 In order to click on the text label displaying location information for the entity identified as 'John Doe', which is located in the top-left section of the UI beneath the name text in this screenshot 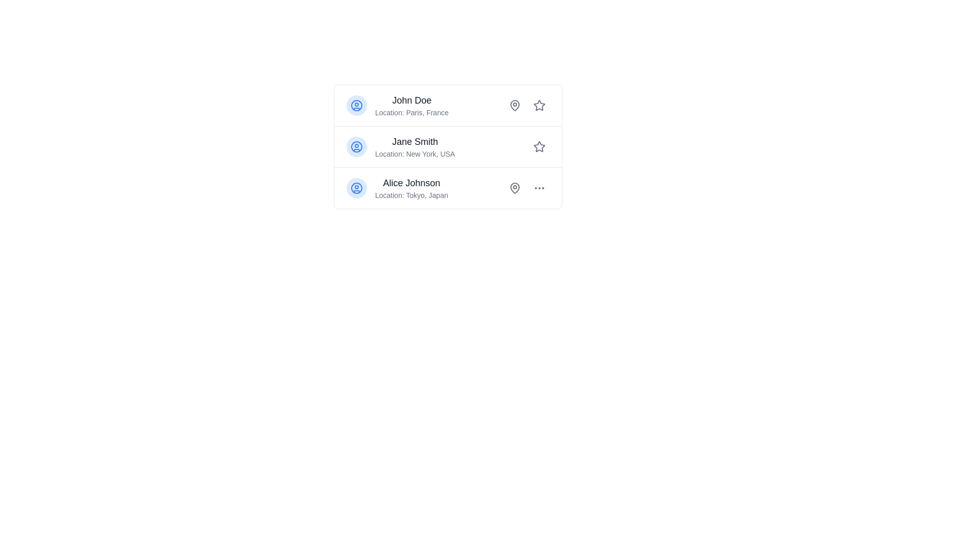, I will do `click(411, 112)`.